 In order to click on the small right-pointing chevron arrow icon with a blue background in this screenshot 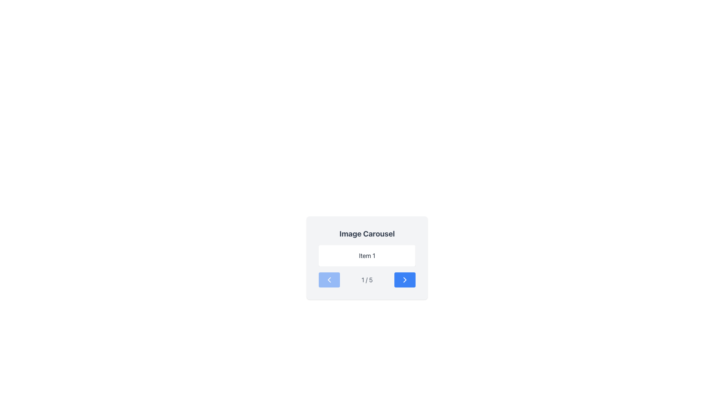, I will do `click(404, 280)`.